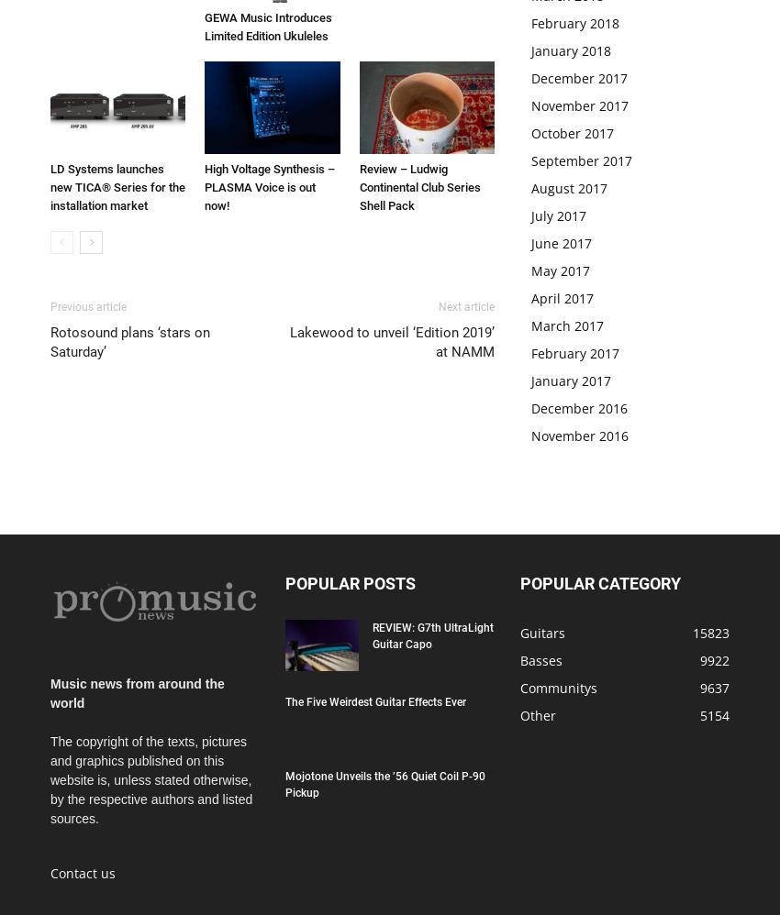 This screenshot has height=915, width=780. Describe the element at coordinates (578, 105) in the screenshot. I see `'November 2017'` at that location.